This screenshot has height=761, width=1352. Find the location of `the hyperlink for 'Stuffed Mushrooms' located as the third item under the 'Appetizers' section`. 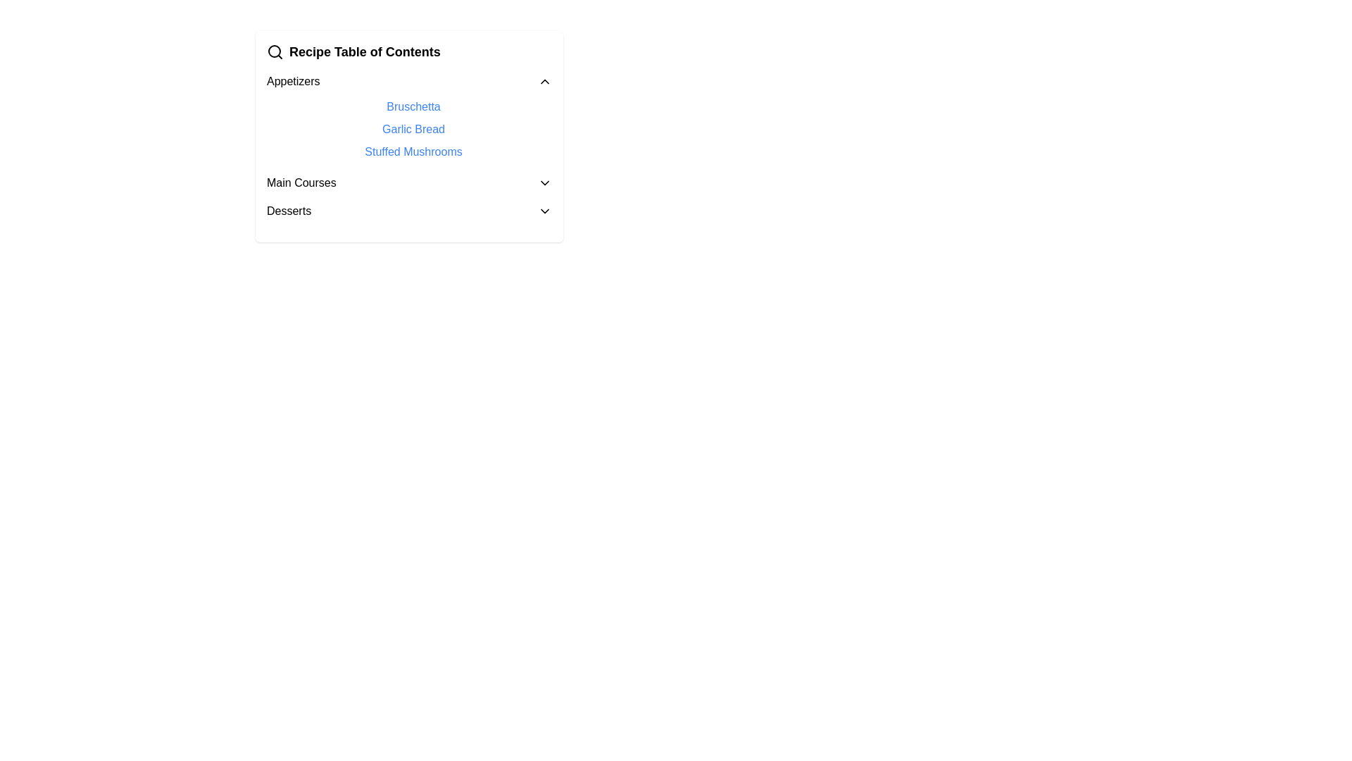

the hyperlink for 'Stuffed Mushrooms' located as the third item under the 'Appetizers' section is located at coordinates (414, 152).